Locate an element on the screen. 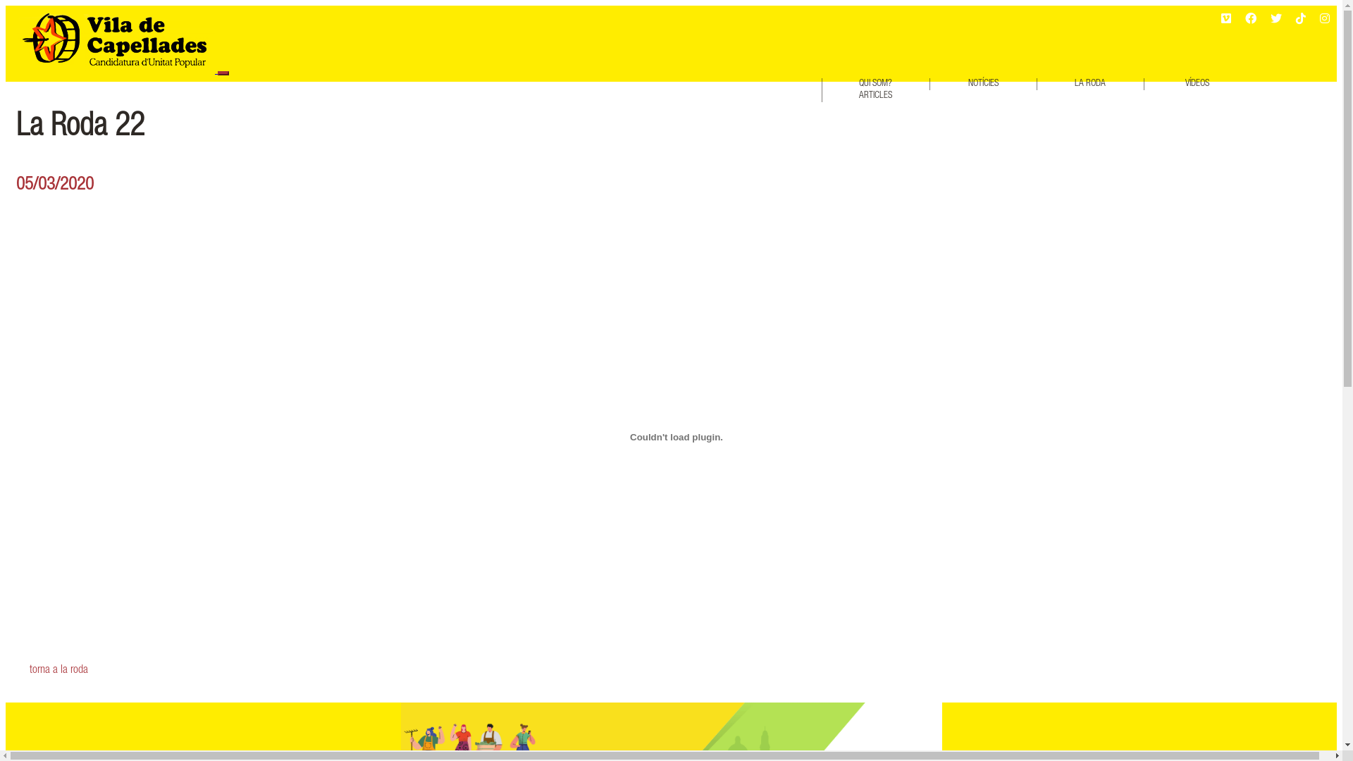 The image size is (1353, 761). 'Toggle navigation' is located at coordinates (222, 73).